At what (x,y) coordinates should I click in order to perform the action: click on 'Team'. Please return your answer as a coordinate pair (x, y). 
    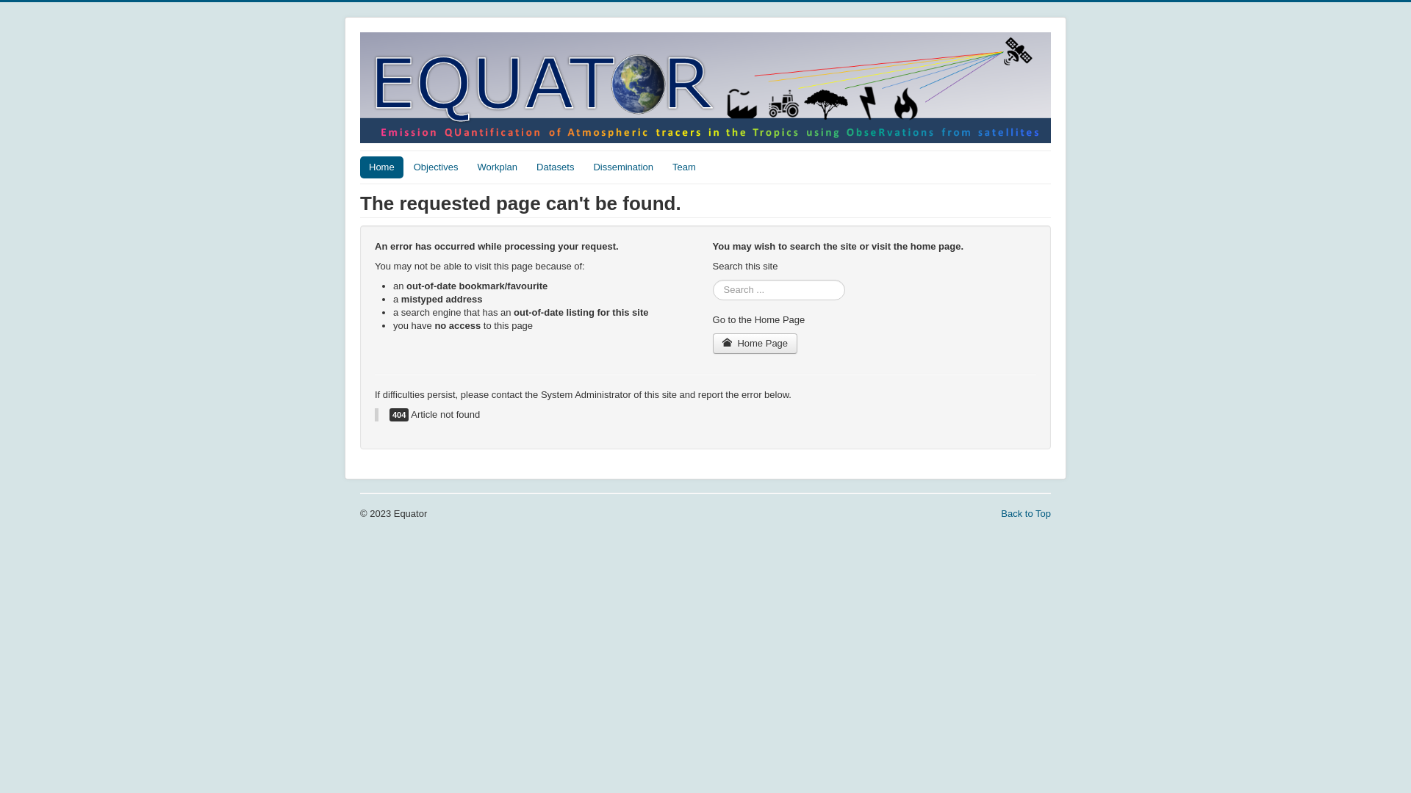
    Looking at the image, I should click on (683, 166).